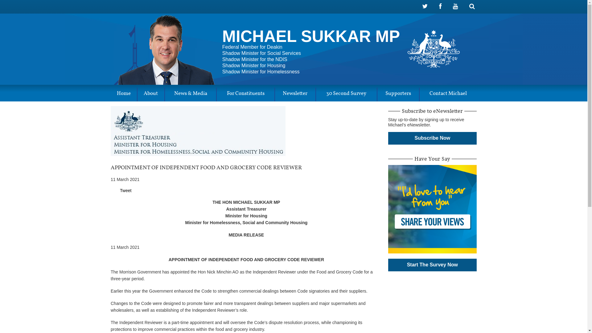 The image size is (592, 333). I want to click on 'Newsletter', so click(295, 94).